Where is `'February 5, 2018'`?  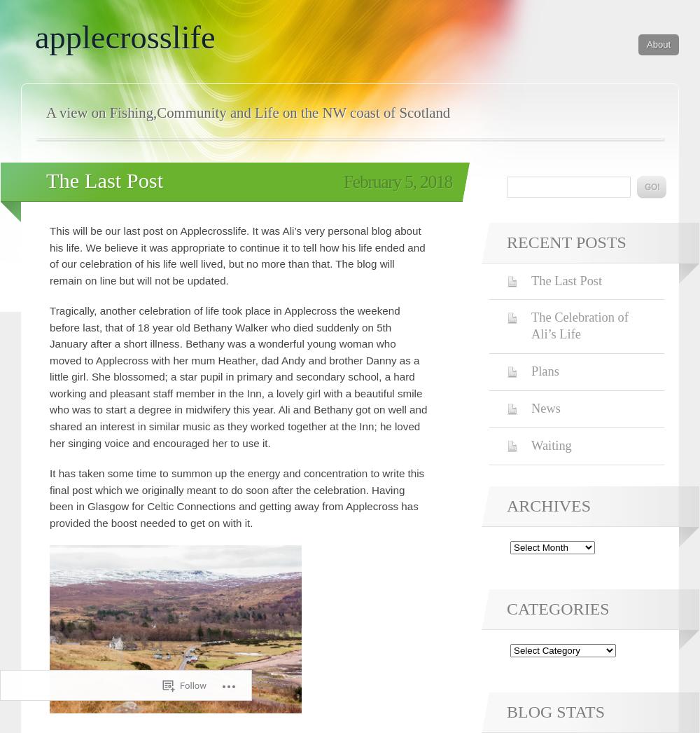
'February 5, 2018' is located at coordinates (397, 180).